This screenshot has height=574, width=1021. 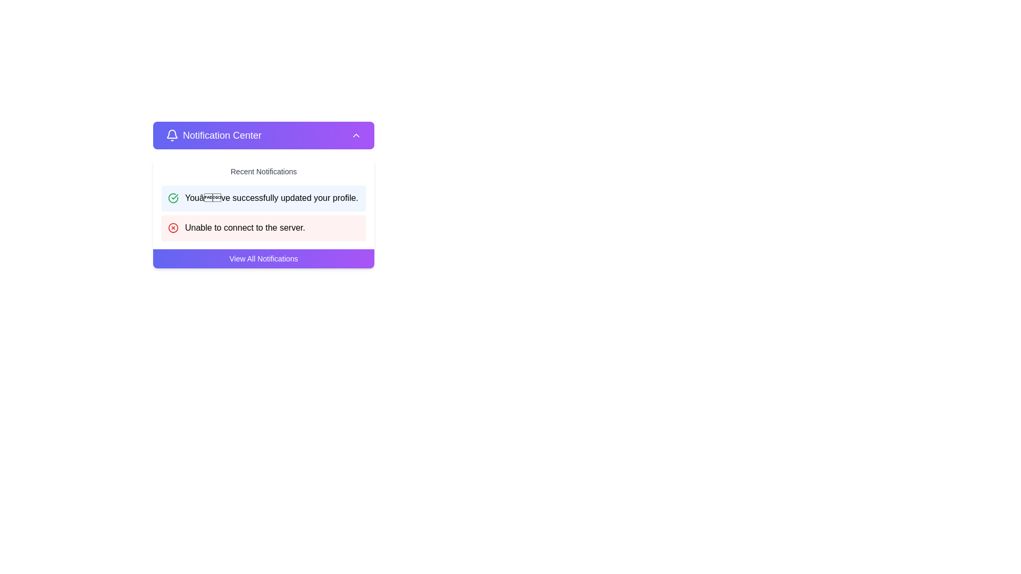 What do you see at coordinates (263, 258) in the screenshot?
I see `the notifications button located at the bottom of the notification panel` at bounding box center [263, 258].